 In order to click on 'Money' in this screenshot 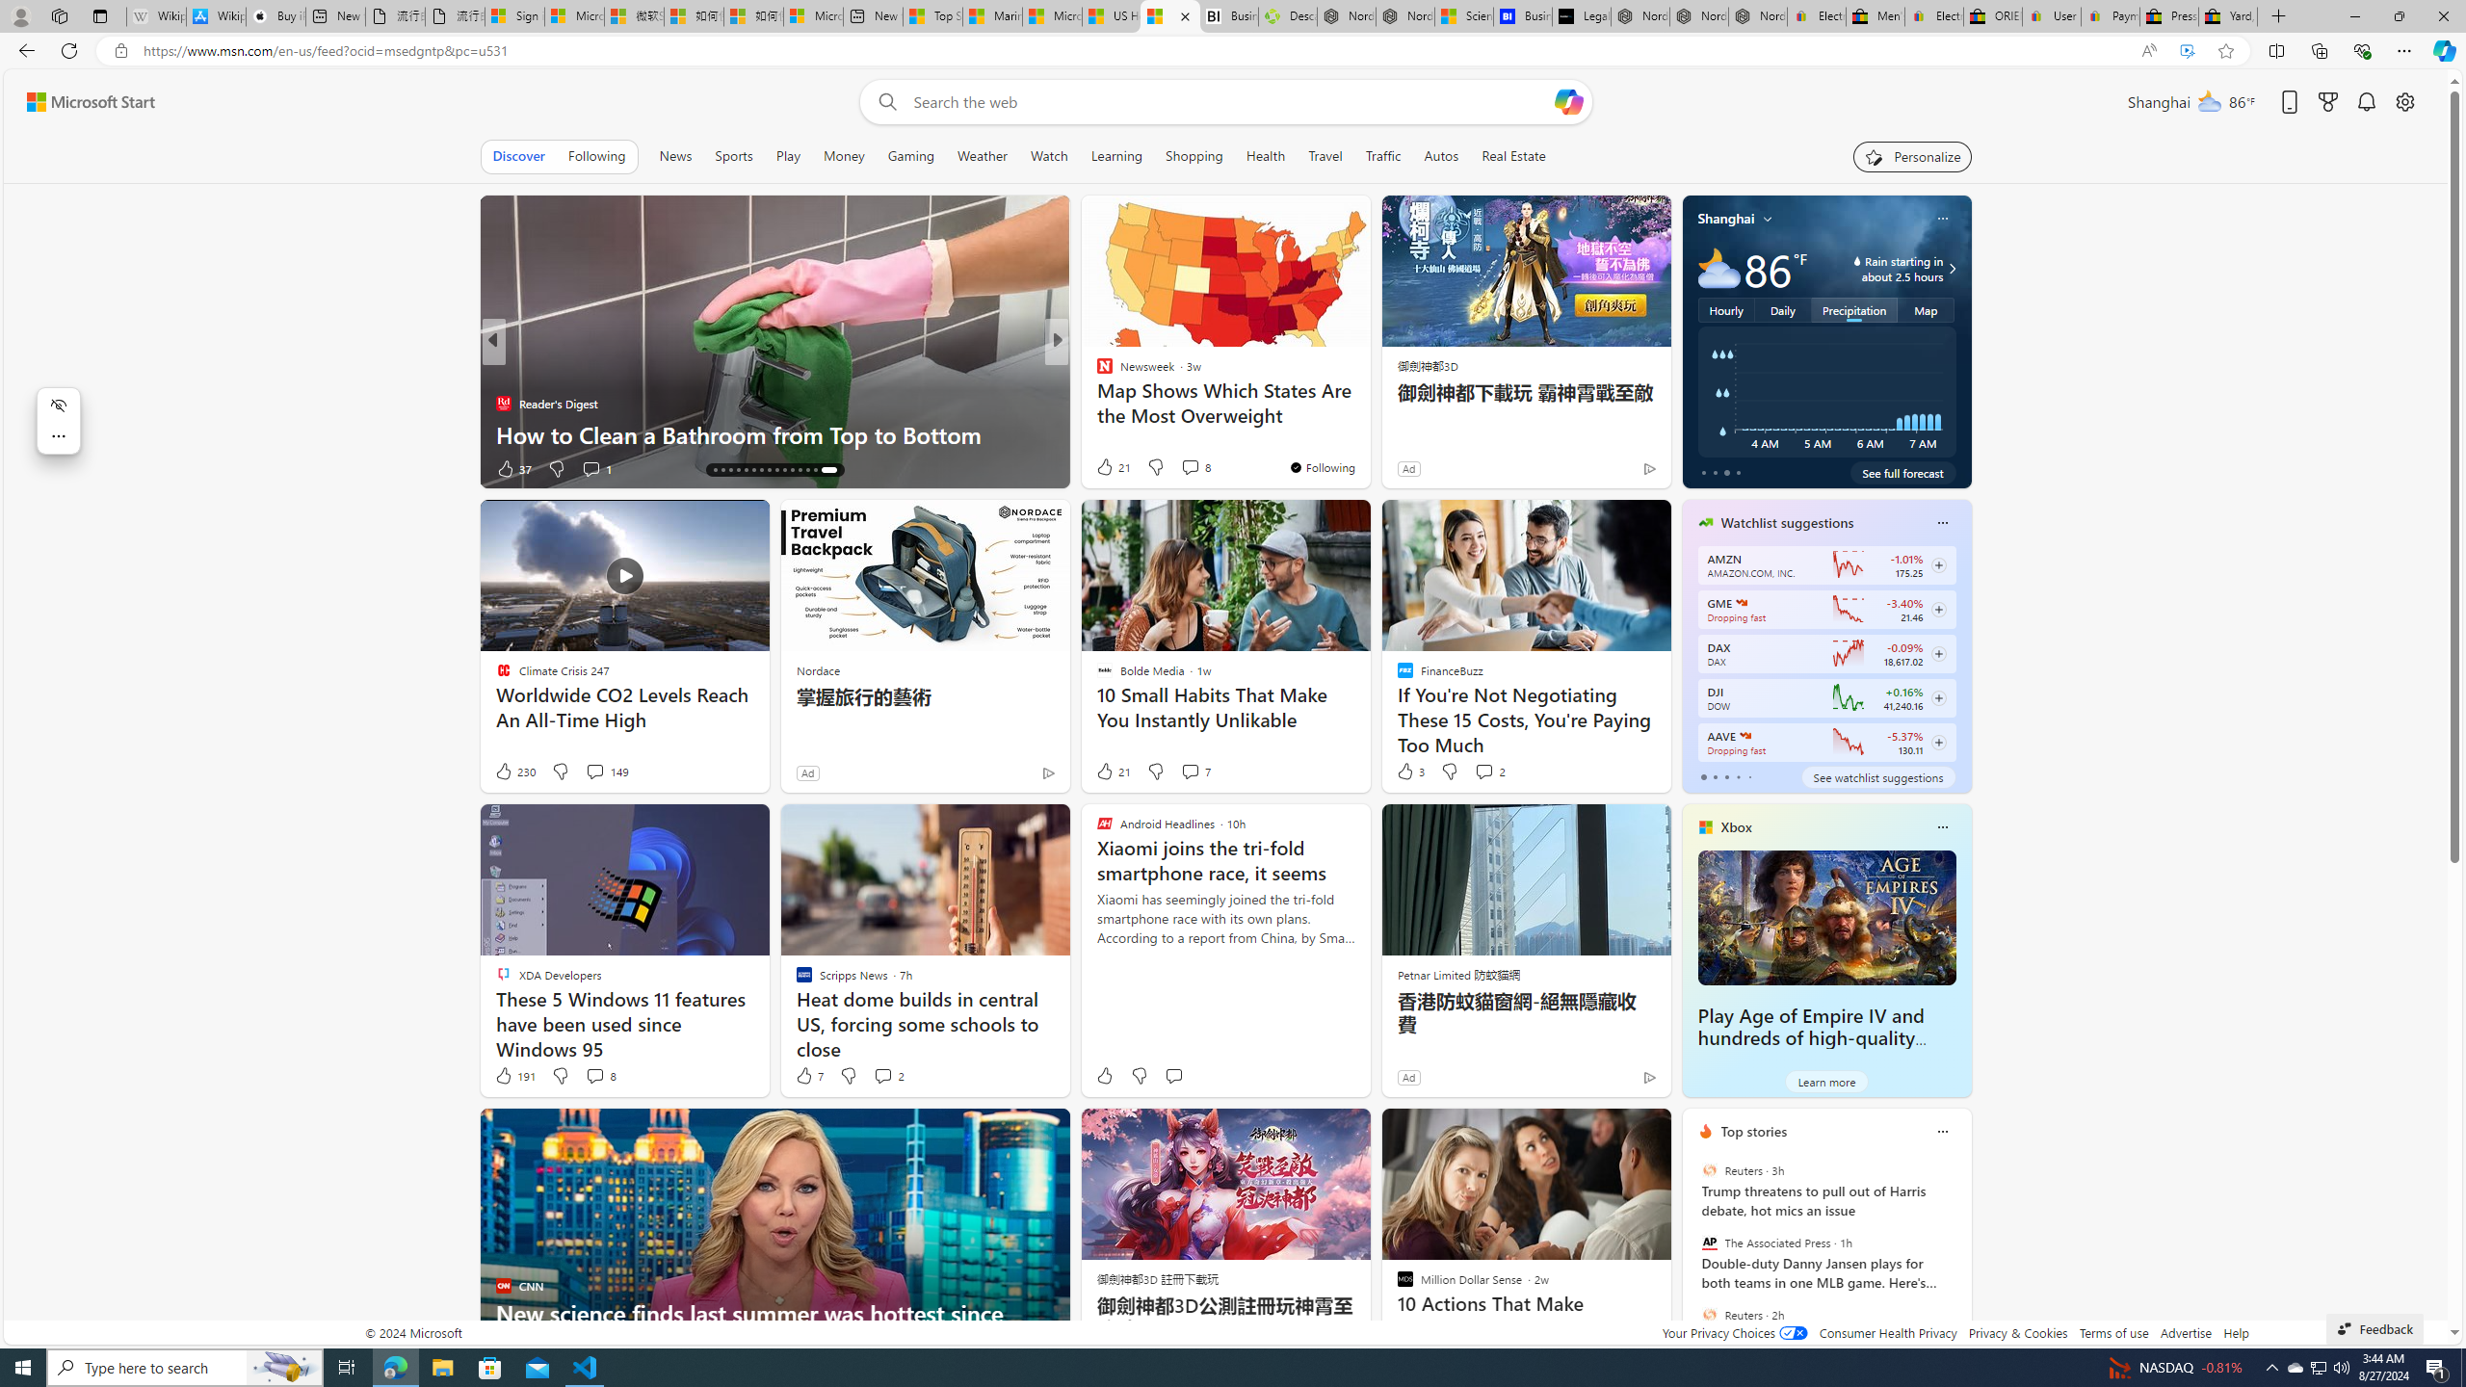, I will do `click(843, 155)`.